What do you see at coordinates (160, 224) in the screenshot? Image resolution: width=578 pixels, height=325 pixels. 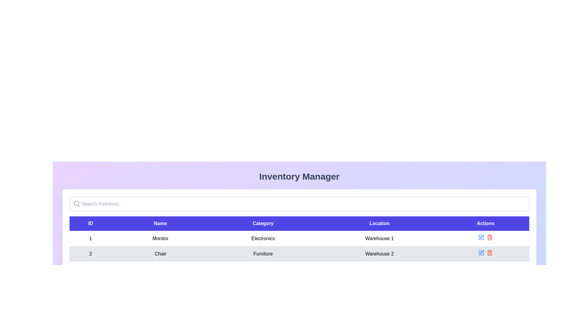 I see `the 'Name' text label, which is the second column header in a table with a purple background and white bold text, located below the 'Inventory Manager' title` at bounding box center [160, 224].